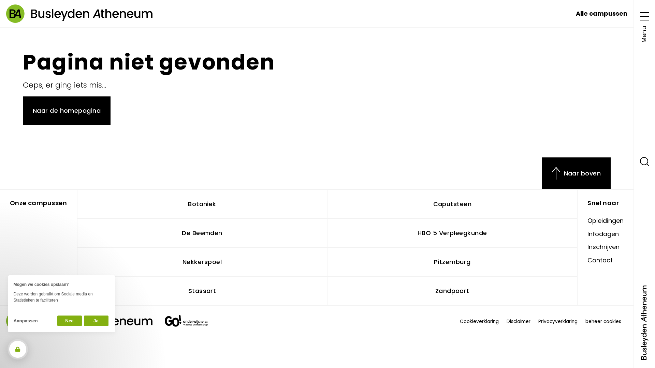 The width and height of the screenshot is (655, 368). What do you see at coordinates (558, 322) in the screenshot?
I see `'Privacyverklaring'` at bounding box center [558, 322].